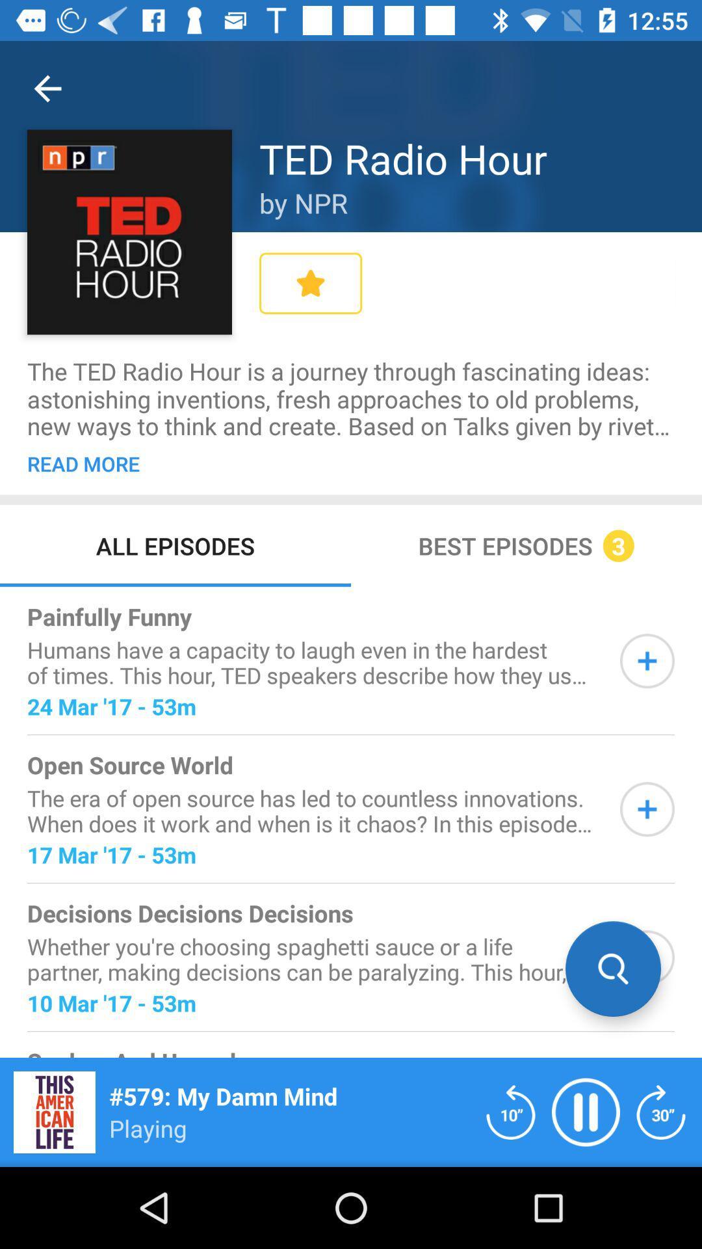 The image size is (702, 1249). What do you see at coordinates (647, 958) in the screenshot?
I see `episode` at bounding box center [647, 958].